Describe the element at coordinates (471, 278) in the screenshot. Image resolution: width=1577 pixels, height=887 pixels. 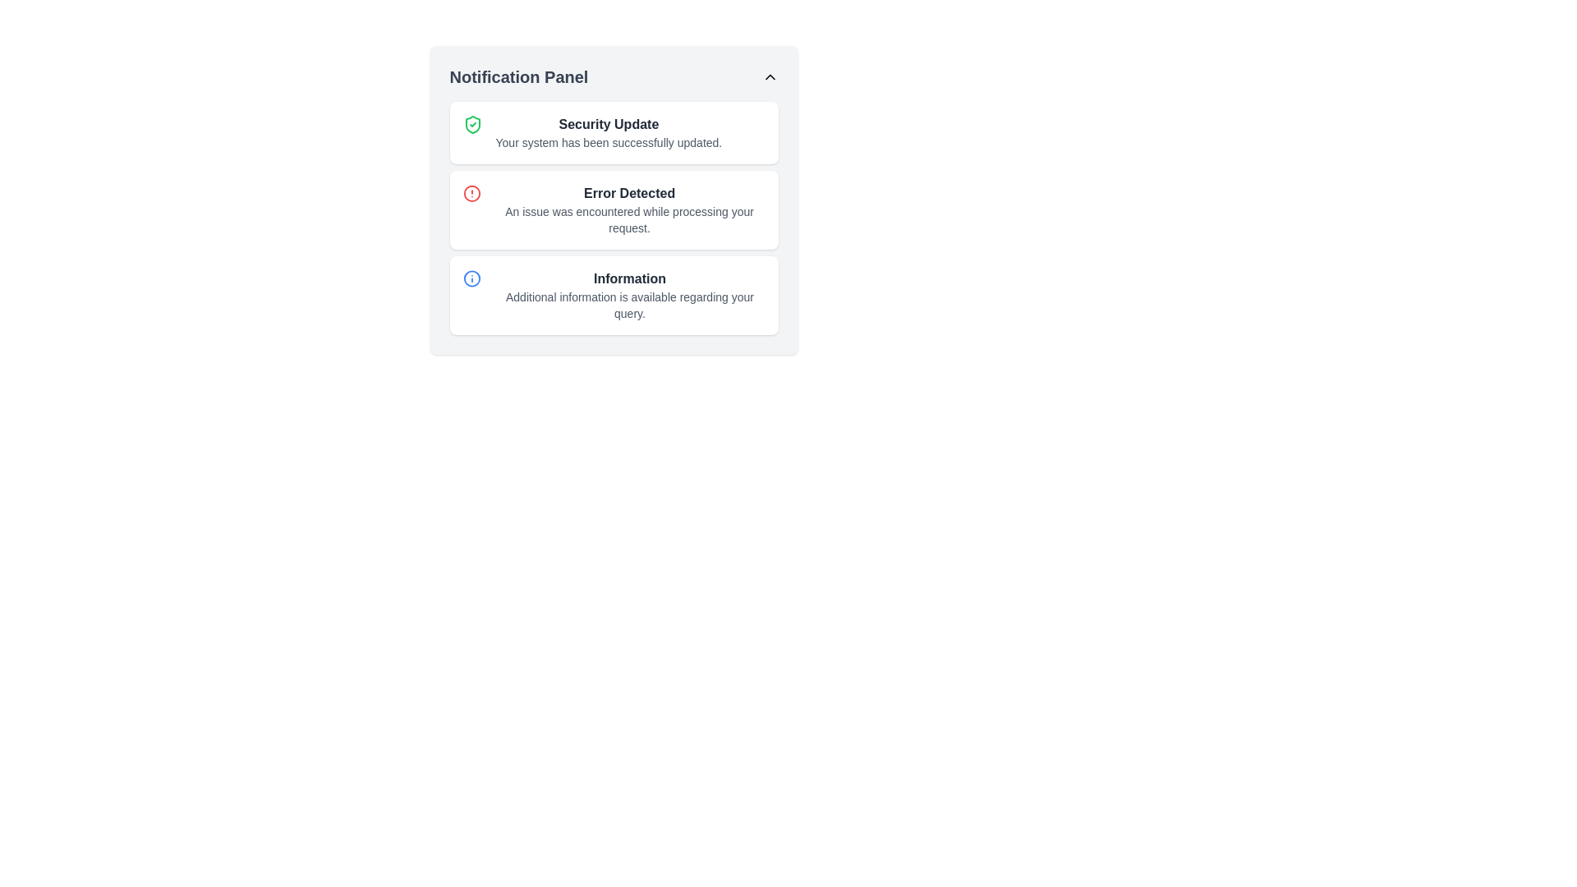
I see `the circular icon in the 'Information' section of the Notification Panel` at that location.